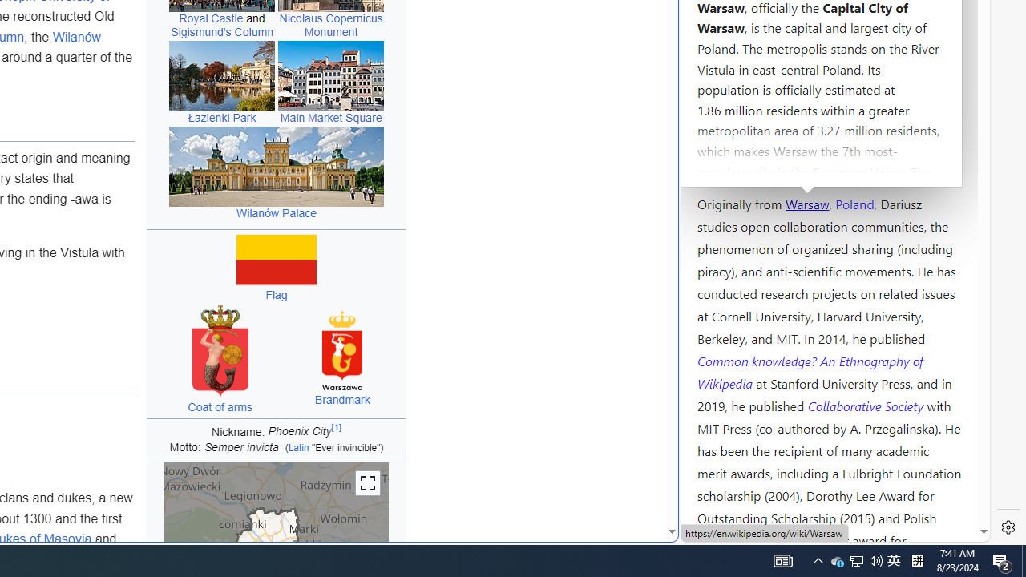 The width and height of the screenshot is (1026, 577). Describe the element at coordinates (367, 482) in the screenshot. I see `'Class: oo-ui-buttonElement-button'` at that location.